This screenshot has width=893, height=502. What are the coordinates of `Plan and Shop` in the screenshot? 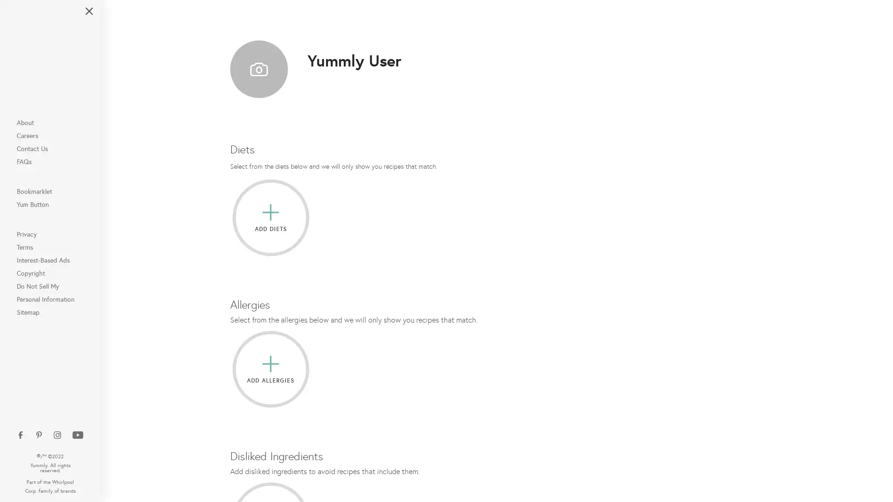 It's located at (790, 61).